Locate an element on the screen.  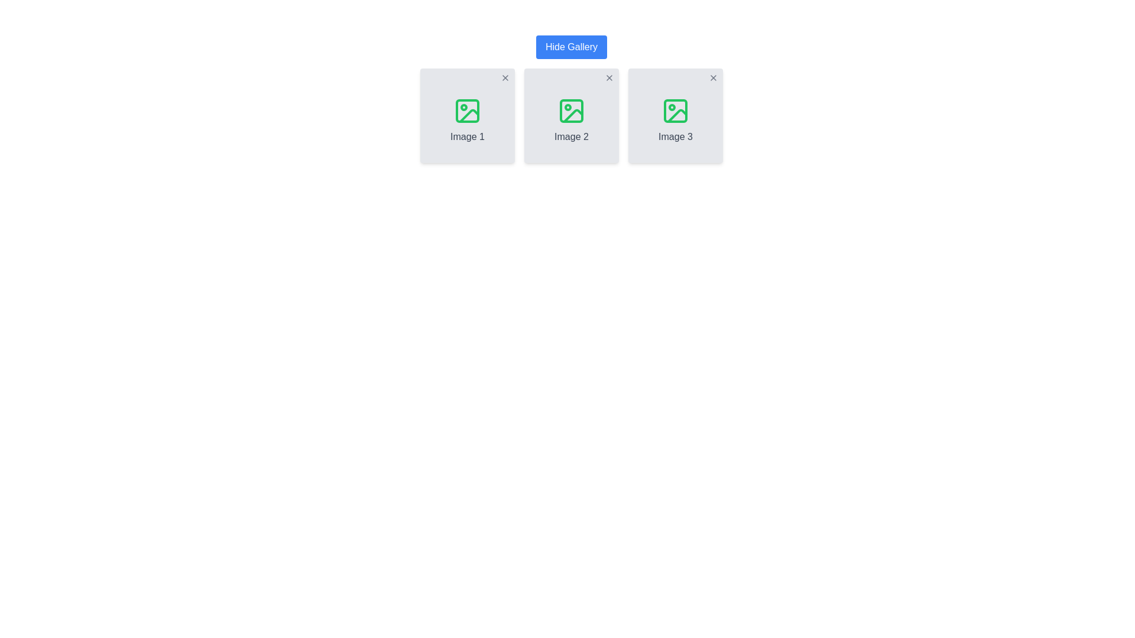
the rectangular button with rounded corners that has a blue background and white text reading 'Hide Gallery' is located at coordinates (571, 47).